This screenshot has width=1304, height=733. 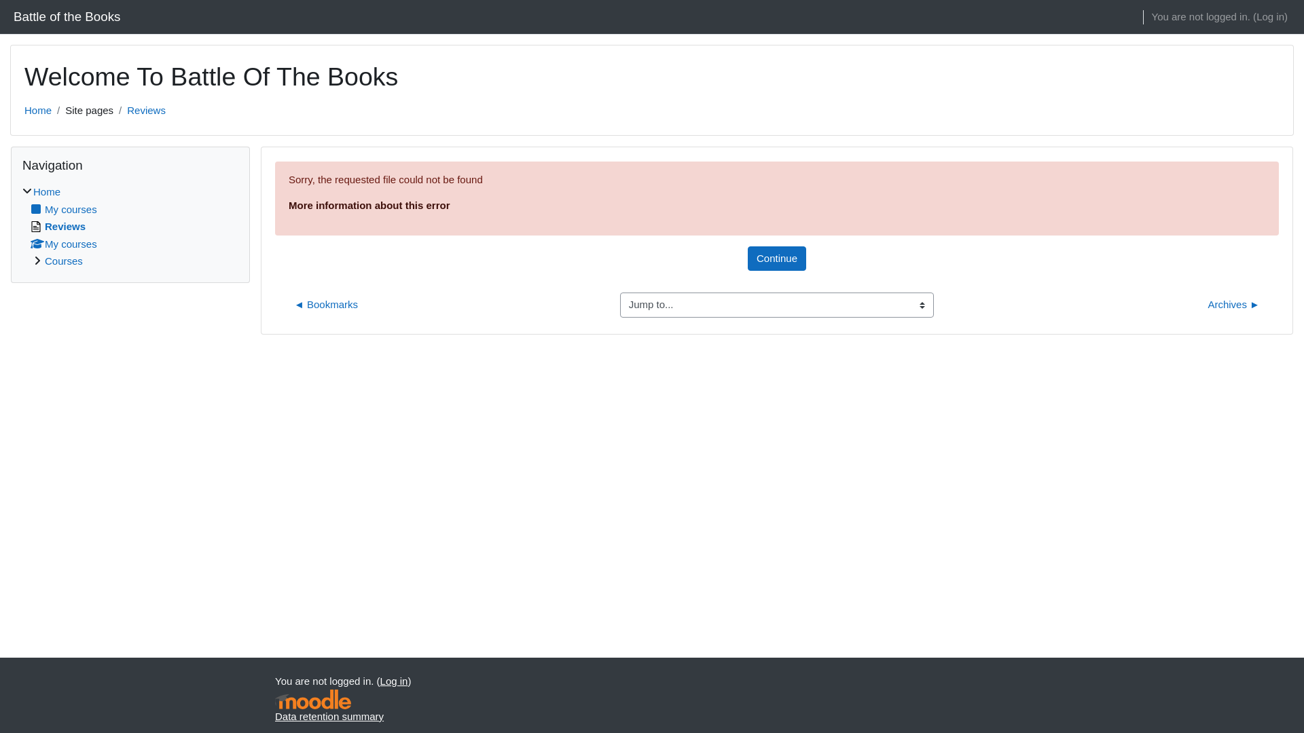 What do you see at coordinates (66, 16) in the screenshot?
I see `'Battle of the Books'` at bounding box center [66, 16].